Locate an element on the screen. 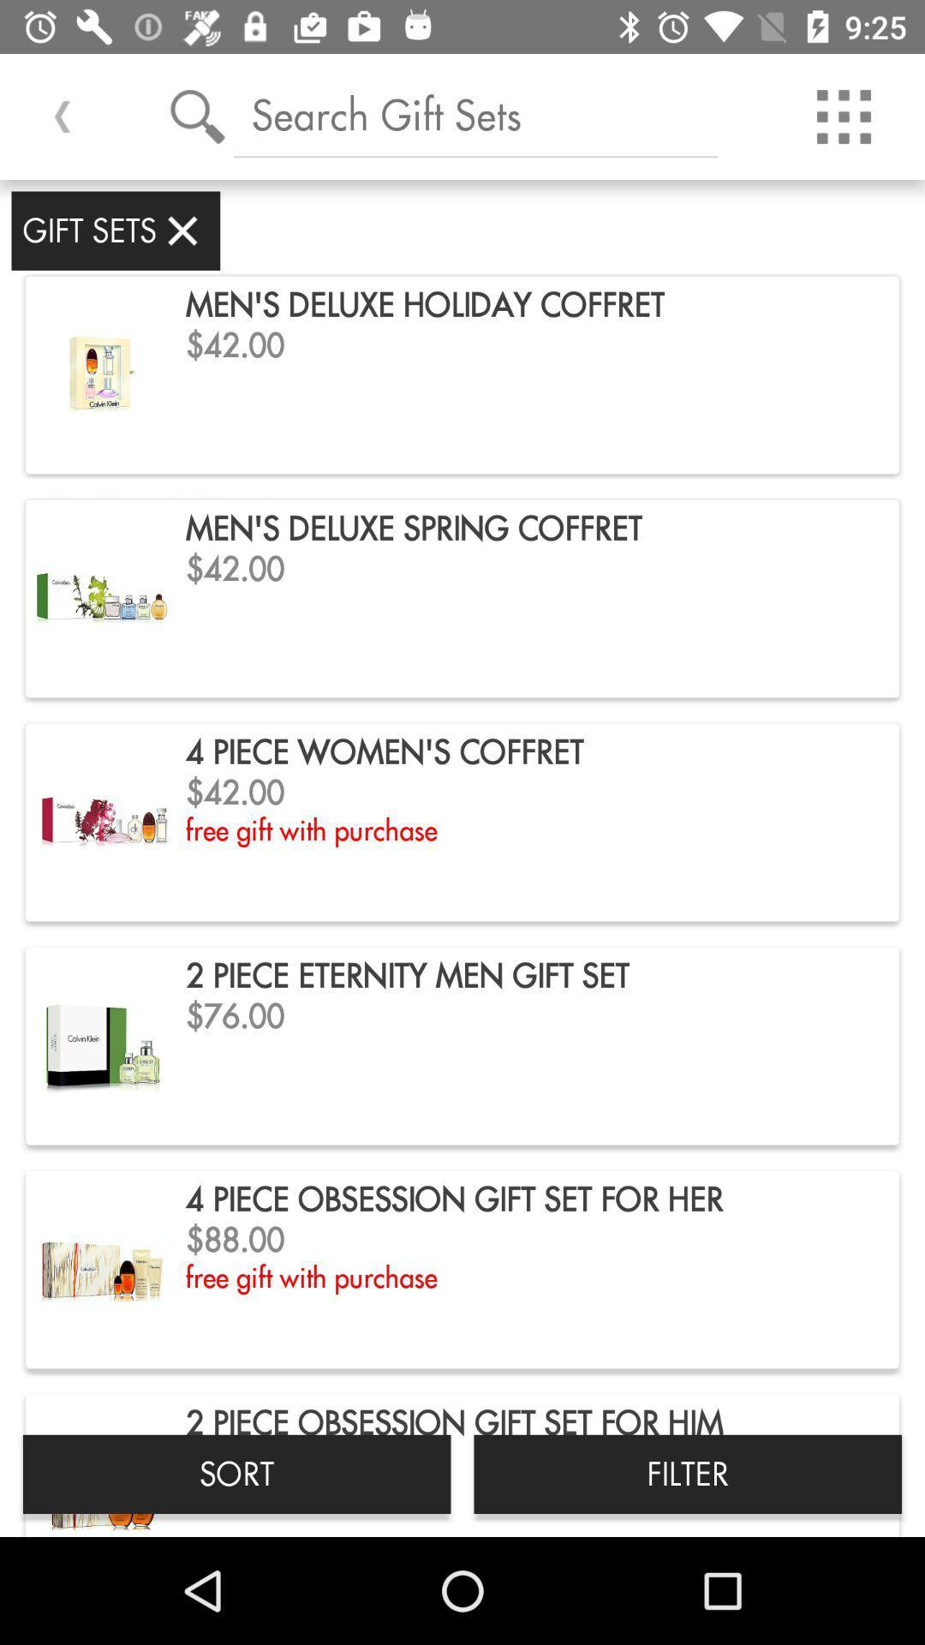  the sort is located at coordinates (236, 1473).